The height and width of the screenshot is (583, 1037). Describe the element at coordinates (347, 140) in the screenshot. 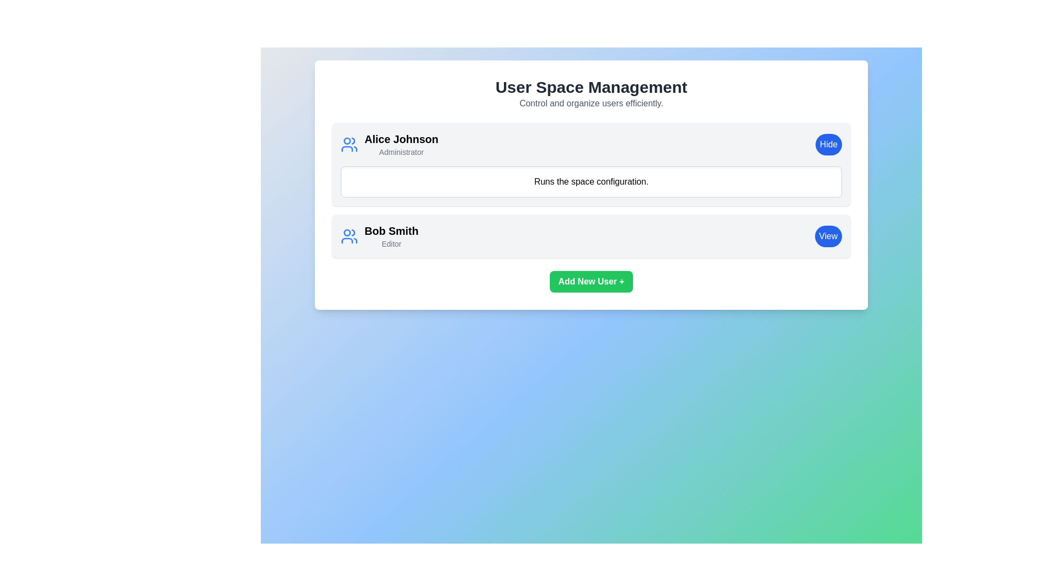

I see `the small circular profile icon representing user 'Alice Johnson'` at that location.